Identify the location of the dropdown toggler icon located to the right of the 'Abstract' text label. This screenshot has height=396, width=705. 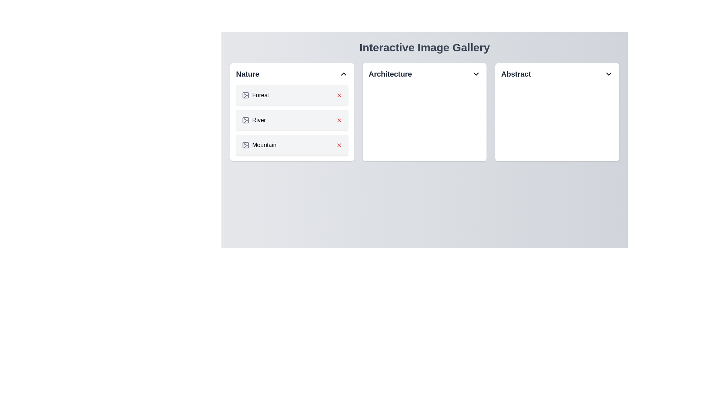
(608, 74).